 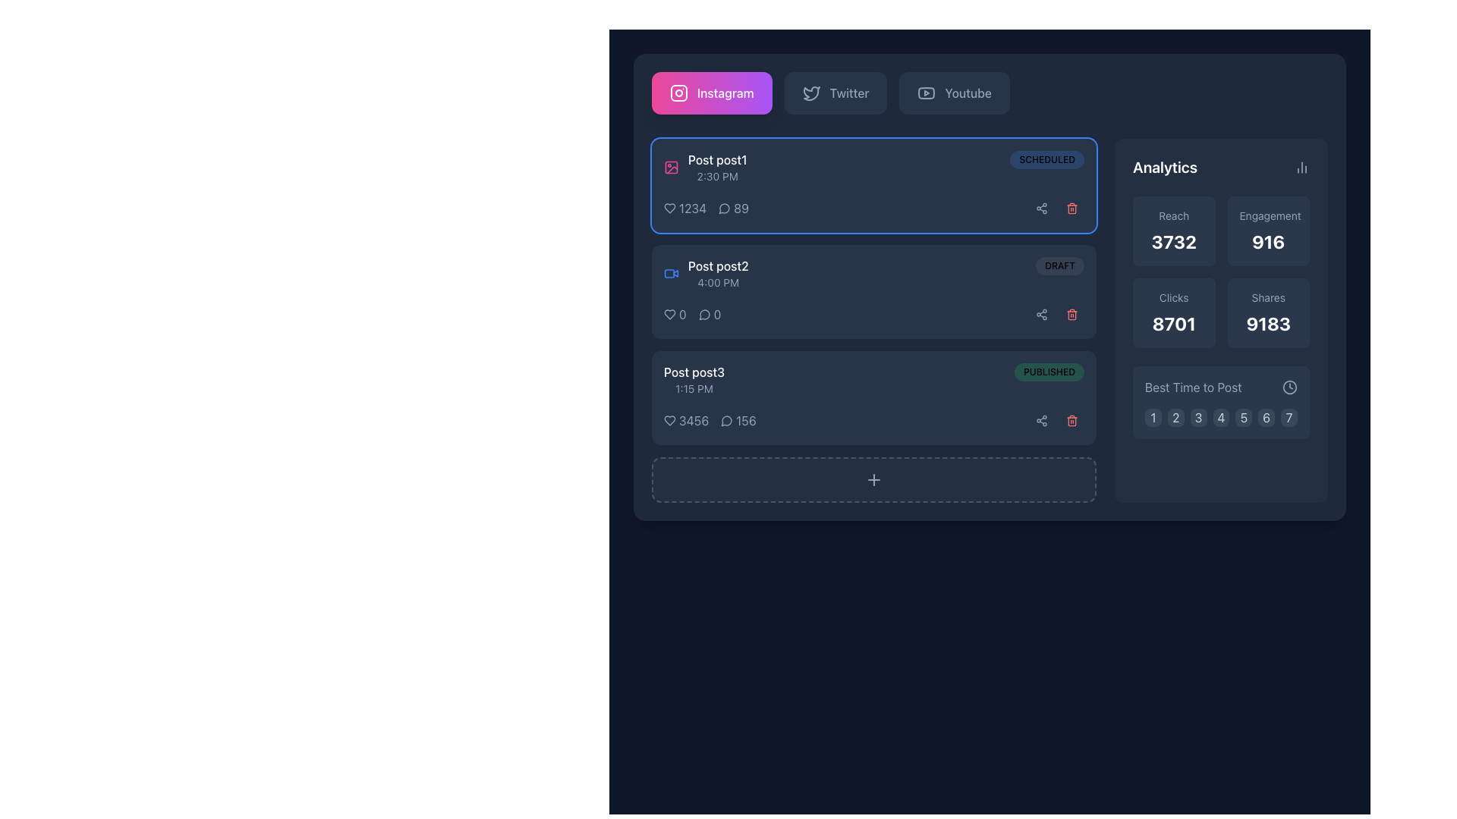 What do you see at coordinates (1040, 314) in the screenshot?
I see `the share button located immediately to the right of the post labeled 'Post post2' to initiate sharing` at bounding box center [1040, 314].